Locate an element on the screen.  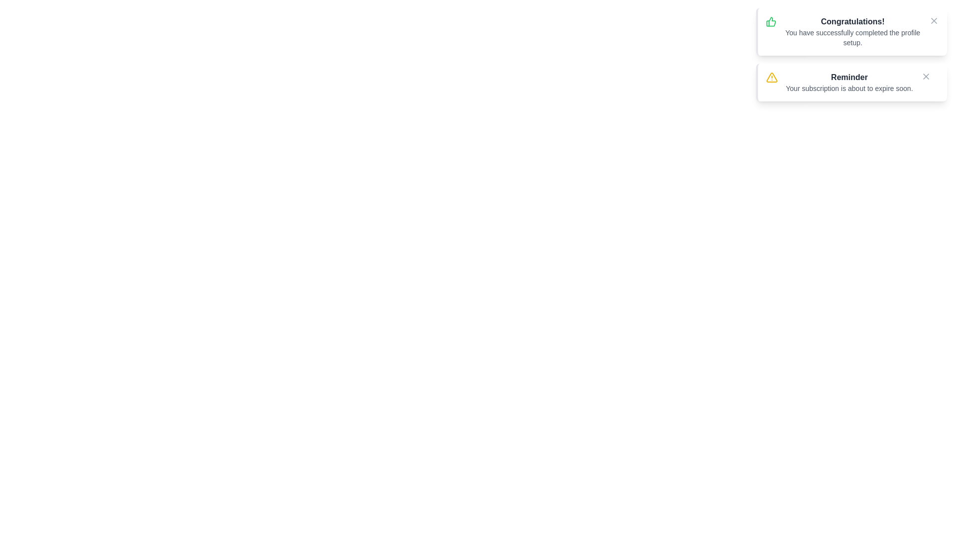
the notification with title 'Congratulations!' is located at coordinates (851, 31).